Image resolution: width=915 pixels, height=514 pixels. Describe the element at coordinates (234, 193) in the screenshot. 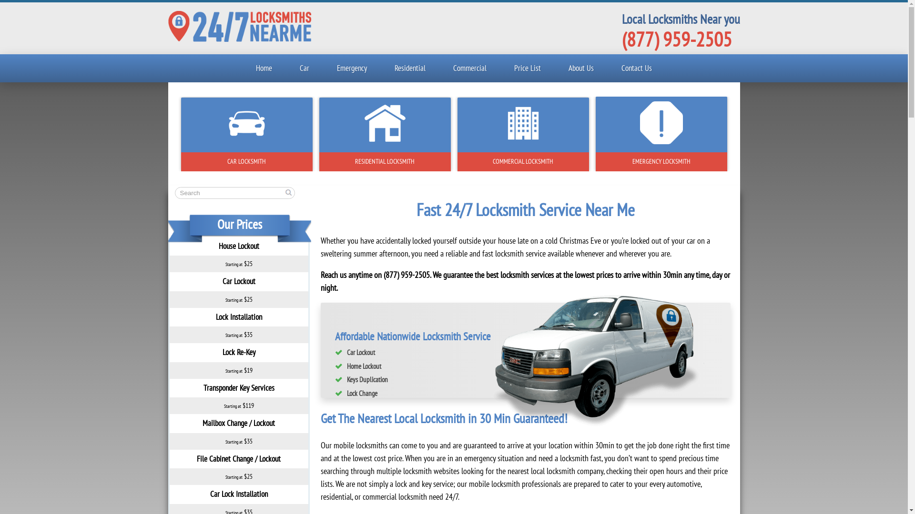

I see `'Enter the terms you wish to search for.'` at that location.